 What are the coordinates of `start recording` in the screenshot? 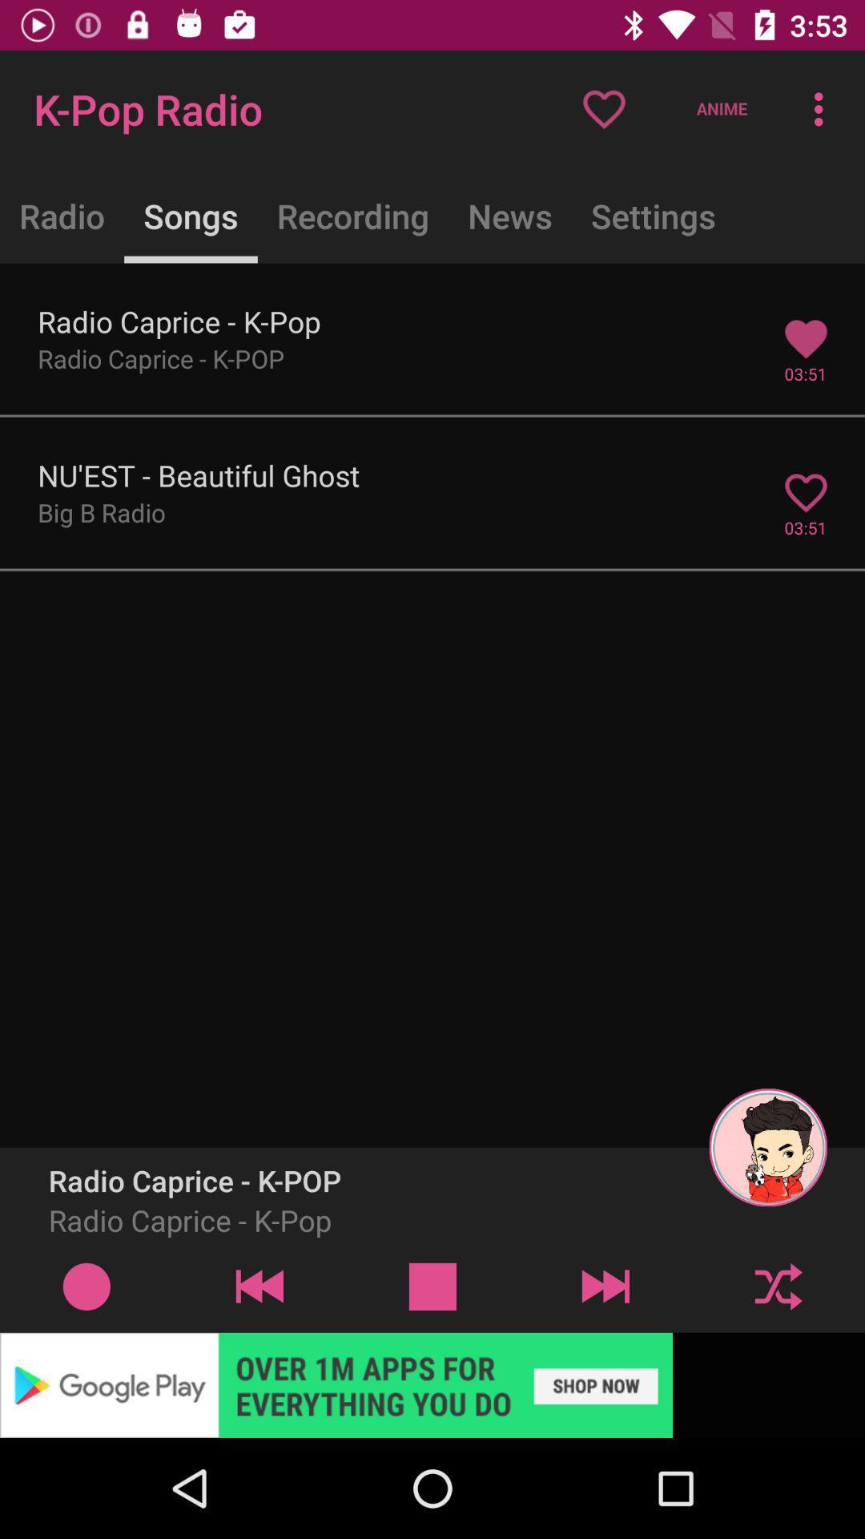 It's located at (86, 1286).